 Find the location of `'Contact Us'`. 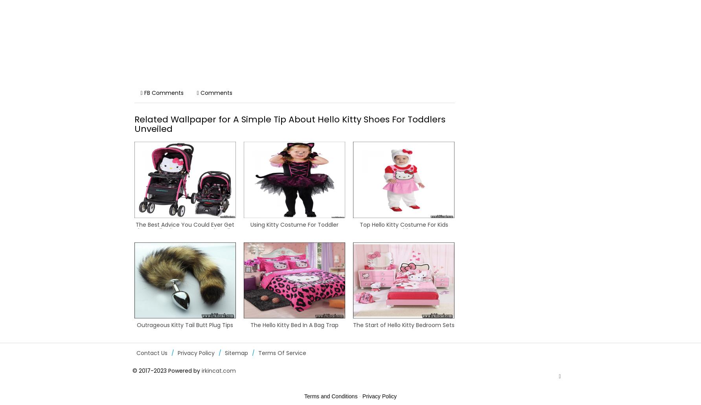

'Contact Us' is located at coordinates (151, 353).